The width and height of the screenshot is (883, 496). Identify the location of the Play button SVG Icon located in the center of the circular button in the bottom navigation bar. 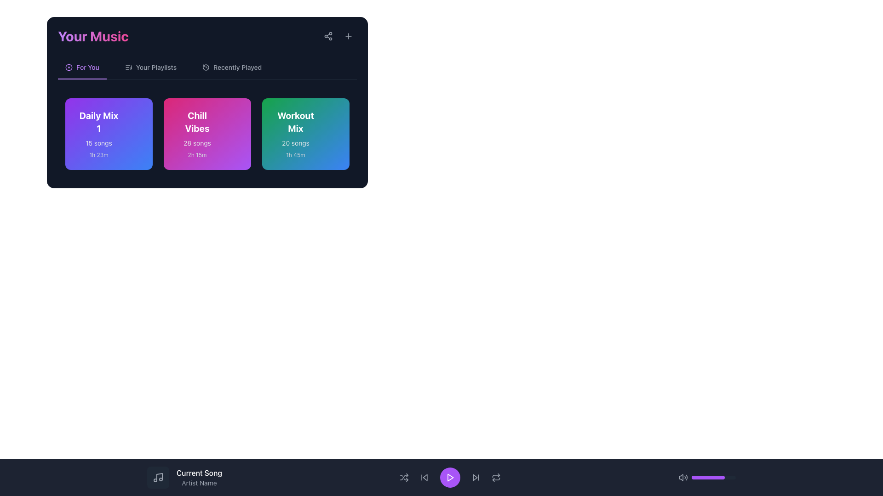
(450, 477).